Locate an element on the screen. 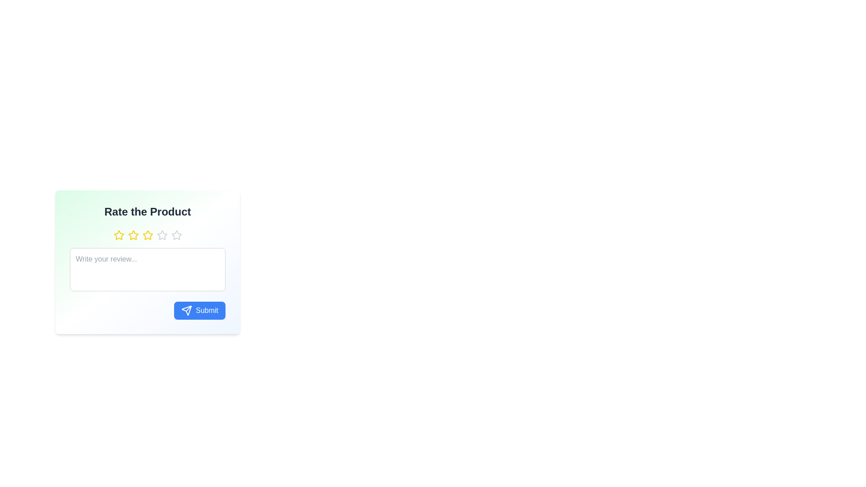 This screenshot has height=487, width=866. the star corresponding to the desired rating, where the rating is specified as 5 is located at coordinates (176, 234).